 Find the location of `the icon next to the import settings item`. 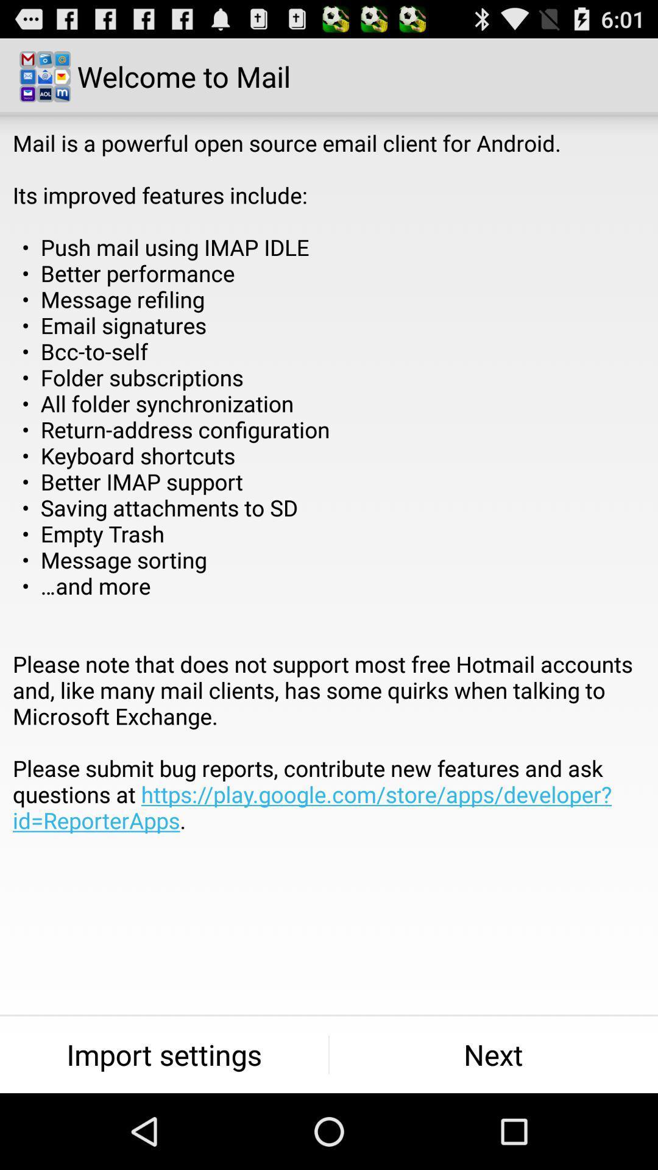

the icon next to the import settings item is located at coordinates (493, 1054).